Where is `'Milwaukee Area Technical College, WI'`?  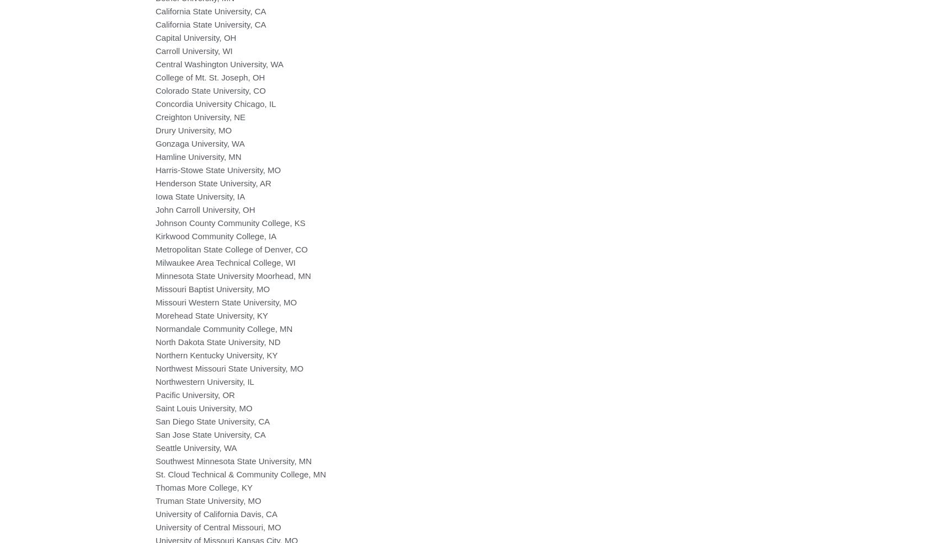 'Milwaukee Area Technical College, WI' is located at coordinates (225, 261).